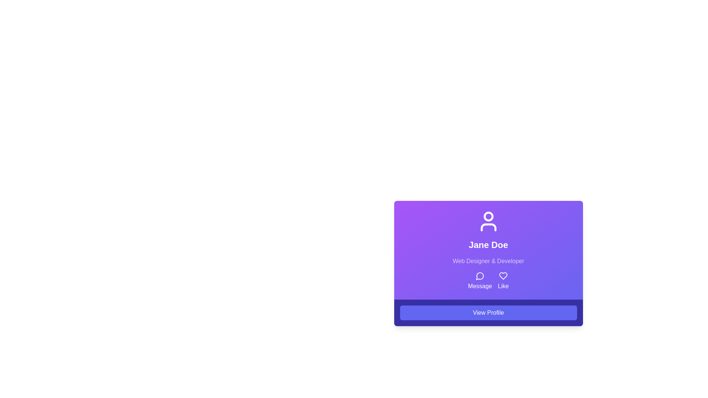  Describe the element at coordinates (479, 286) in the screenshot. I see `the Text label located beneath the speech bubble-shaped icon in the card layout to associate it with its corresponding icon` at that location.